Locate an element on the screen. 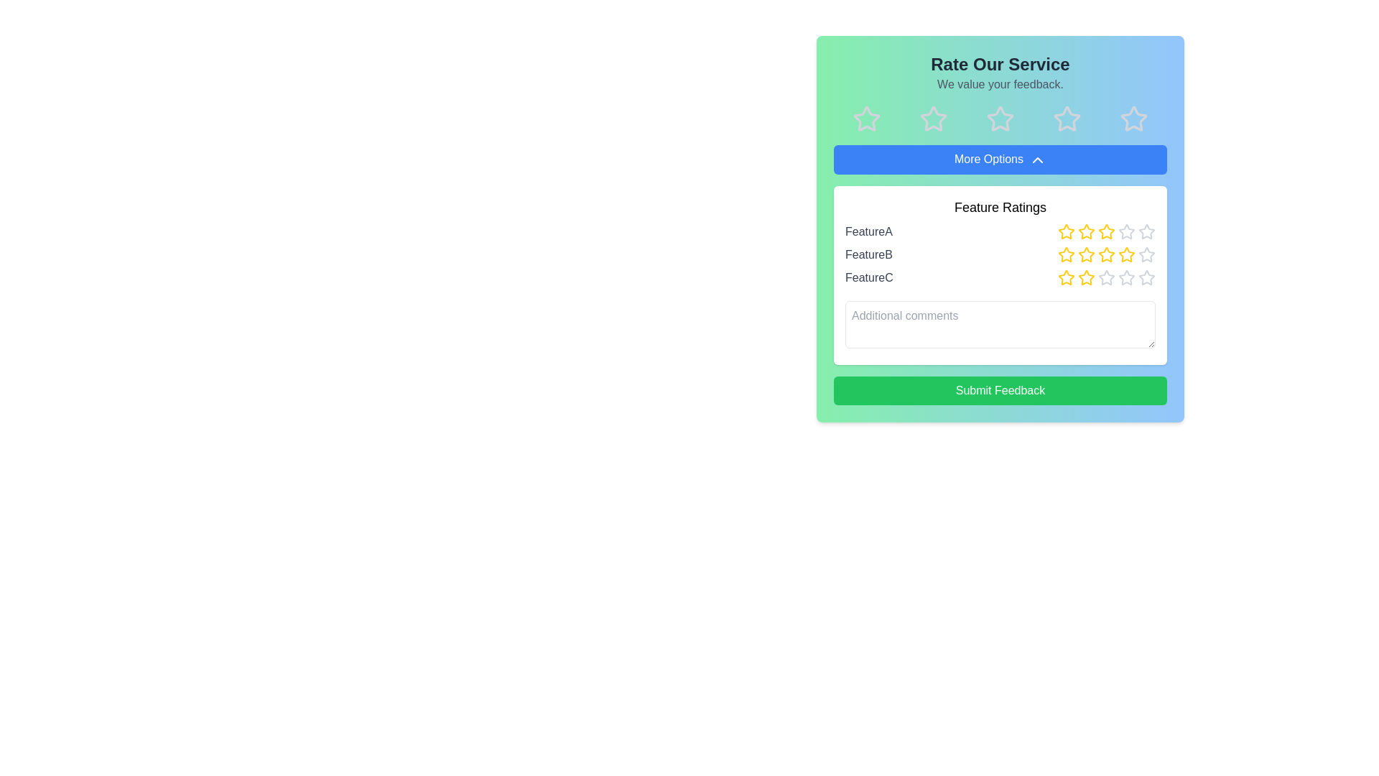  text label located at the top-center of the white panel, which serves as a title or section header above the feature ratings for 'FeatureA' is located at coordinates (999, 207).